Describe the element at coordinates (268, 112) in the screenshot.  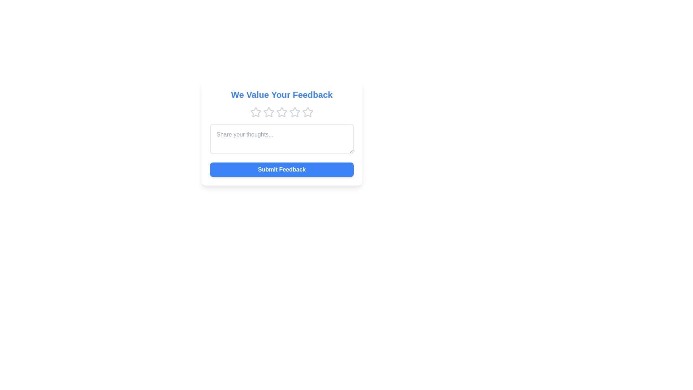
I see `the star corresponding to the desired rating 2` at that location.